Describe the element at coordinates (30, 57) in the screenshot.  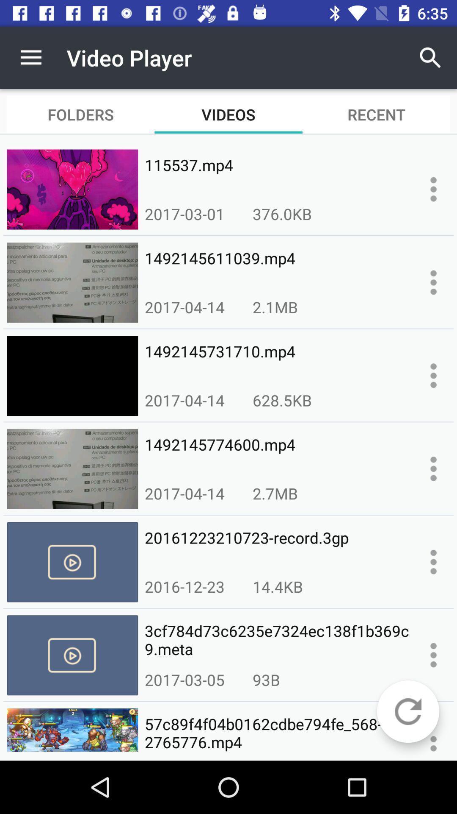
I see `icon to the left of video player item` at that location.